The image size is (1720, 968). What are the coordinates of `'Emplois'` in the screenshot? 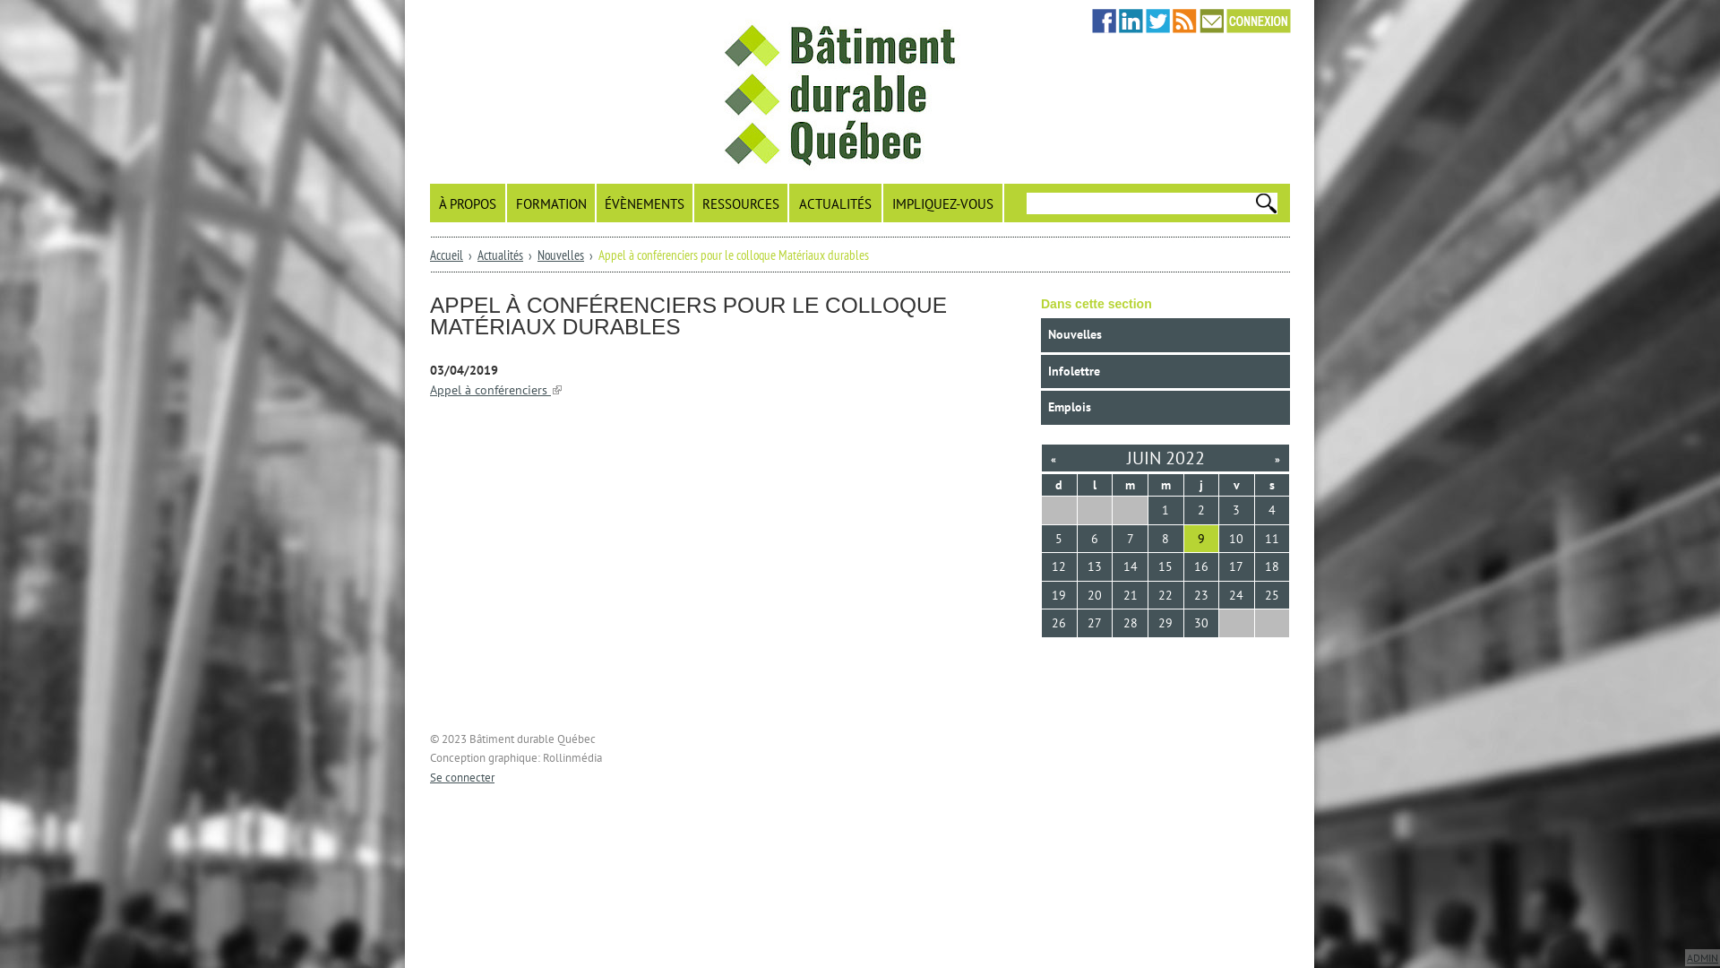 It's located at (1165, 408).